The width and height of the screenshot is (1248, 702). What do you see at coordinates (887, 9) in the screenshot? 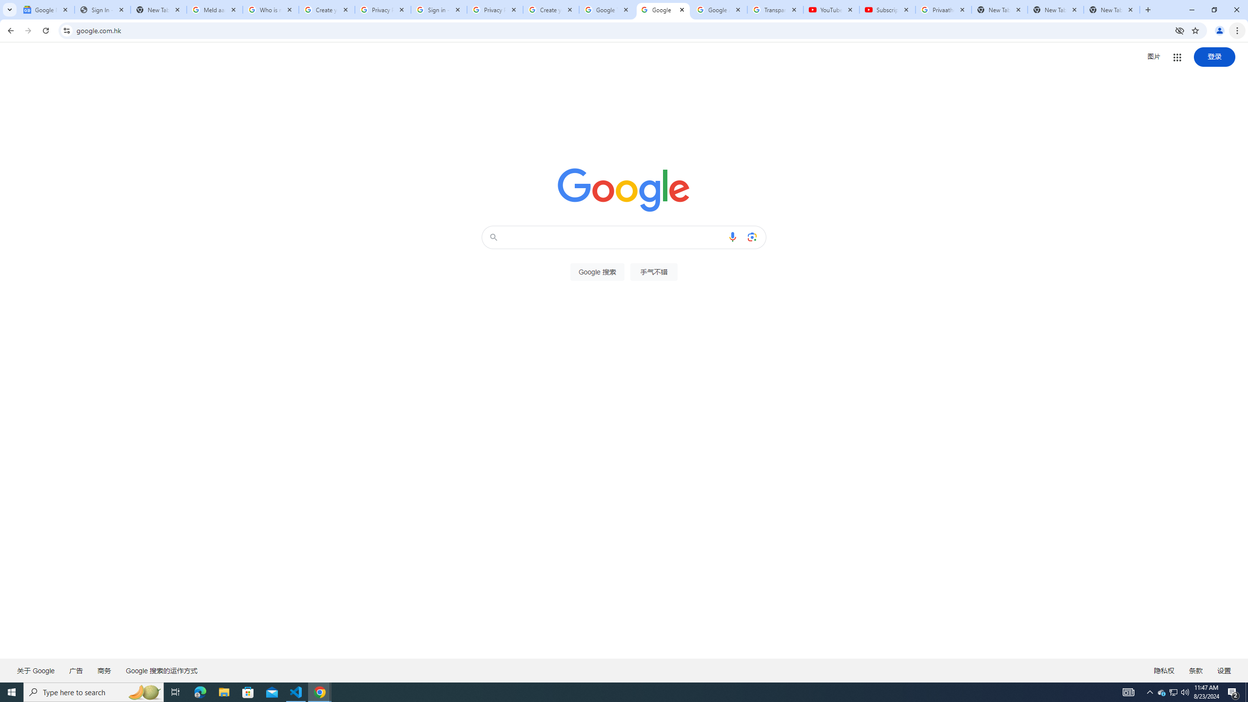
I see `'Subscriptions - YouTube'` at bounding box center [887, 9].